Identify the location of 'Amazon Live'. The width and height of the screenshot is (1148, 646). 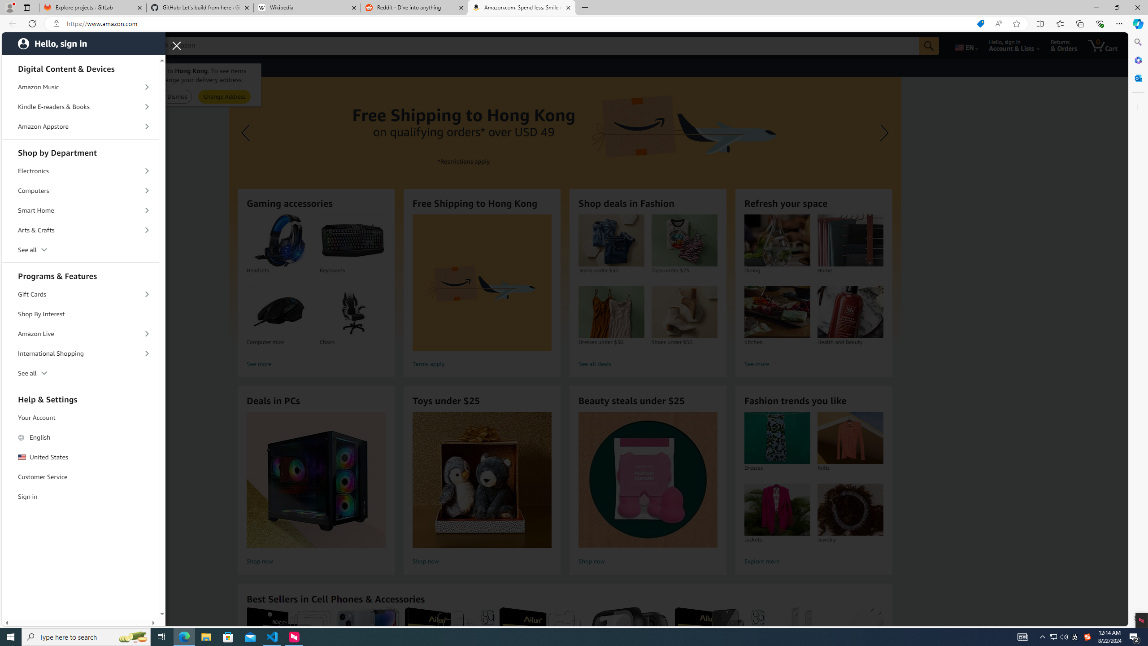
(80, 333).